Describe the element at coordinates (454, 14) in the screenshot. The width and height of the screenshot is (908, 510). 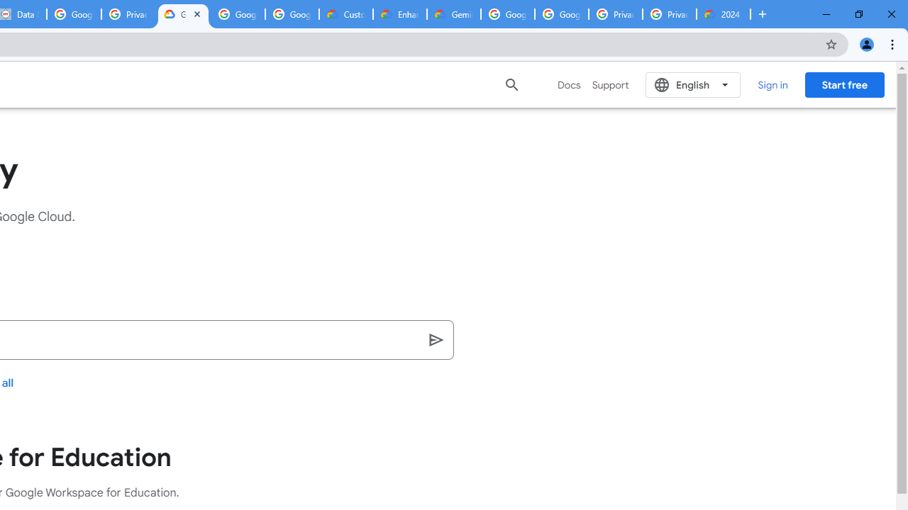
I see `'Gemini for Business and Developers | Google Cloud'` at that location.